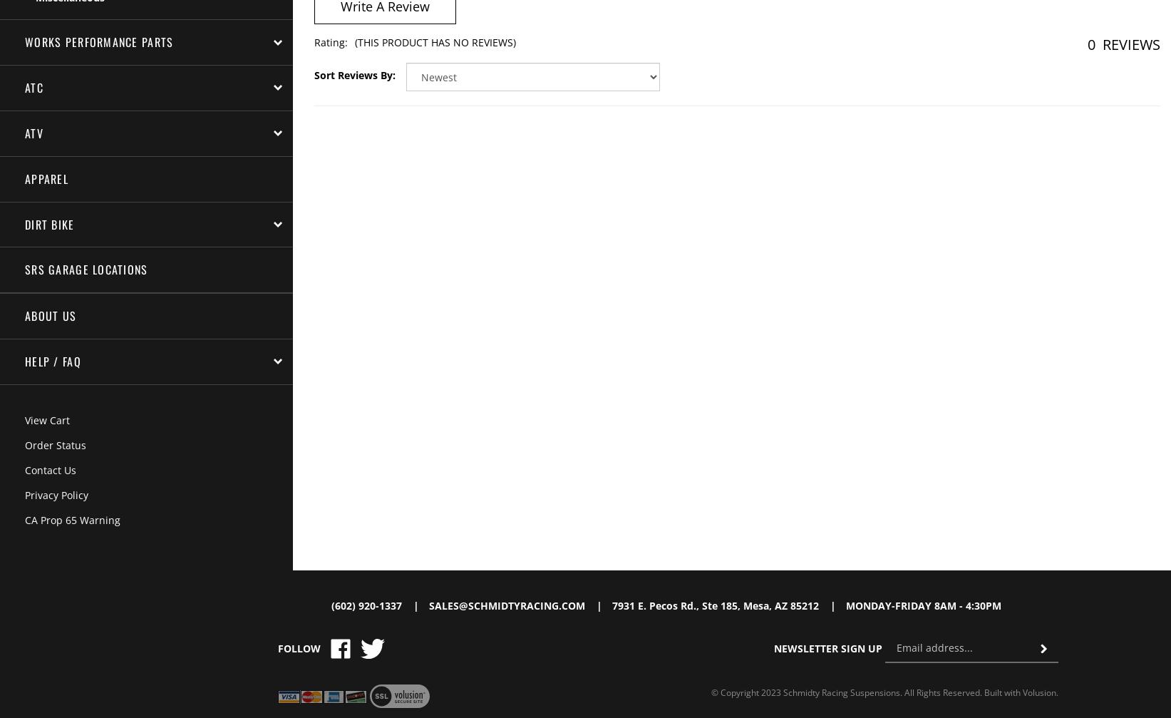  Describe the element at coordinates (506, 604) in the screenshot. I see `'SALES@SCHMIDTYRACING.COM'` at that location.